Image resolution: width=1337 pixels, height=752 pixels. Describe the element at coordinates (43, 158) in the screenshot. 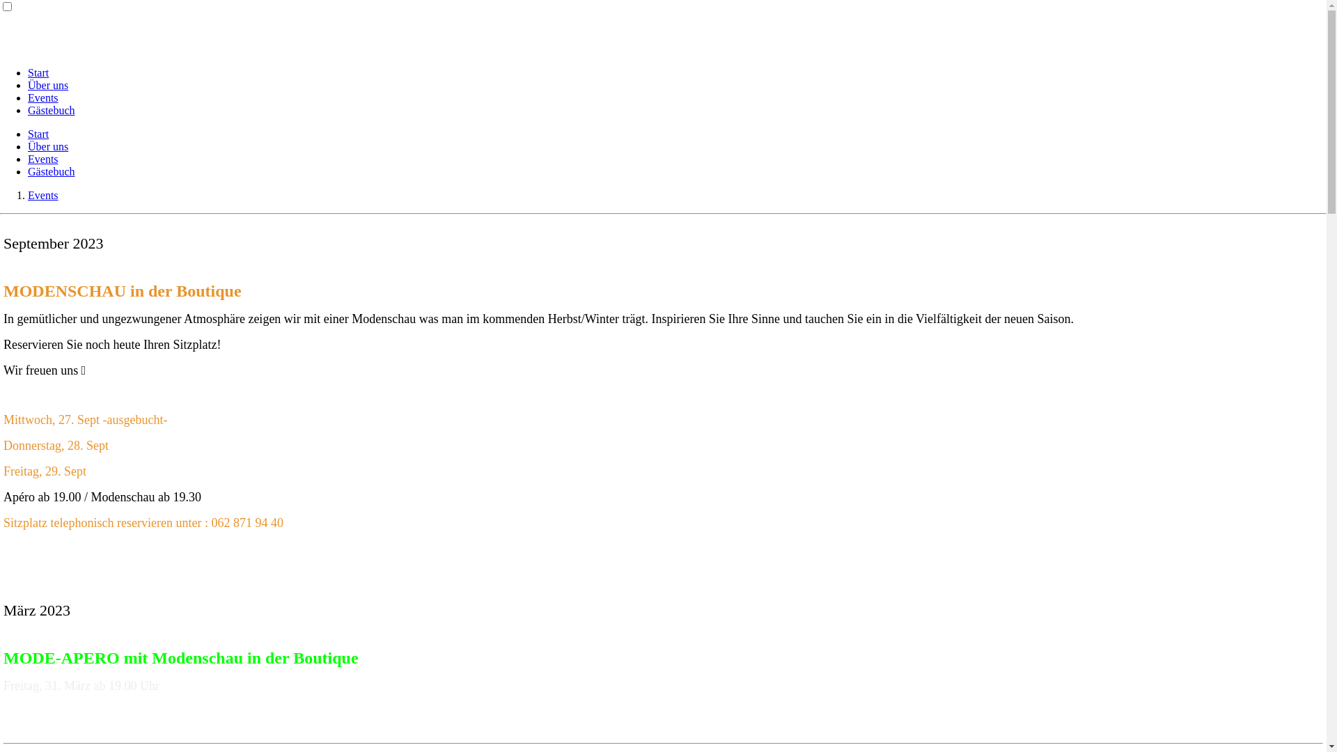

I see `'Events'` at that location.